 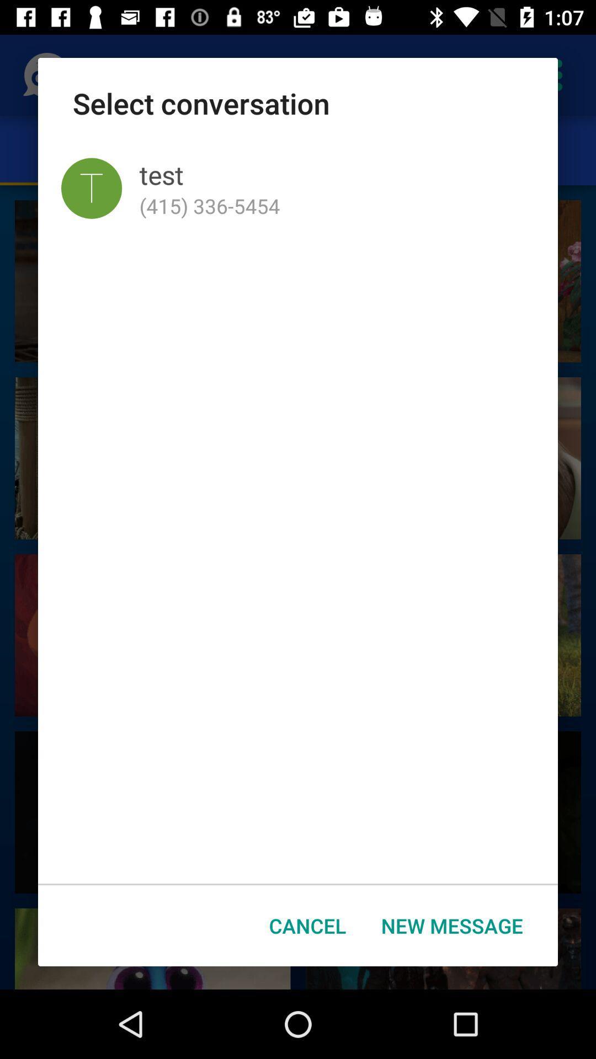 I want to click on item next to new message, so click(x=307, y=926).